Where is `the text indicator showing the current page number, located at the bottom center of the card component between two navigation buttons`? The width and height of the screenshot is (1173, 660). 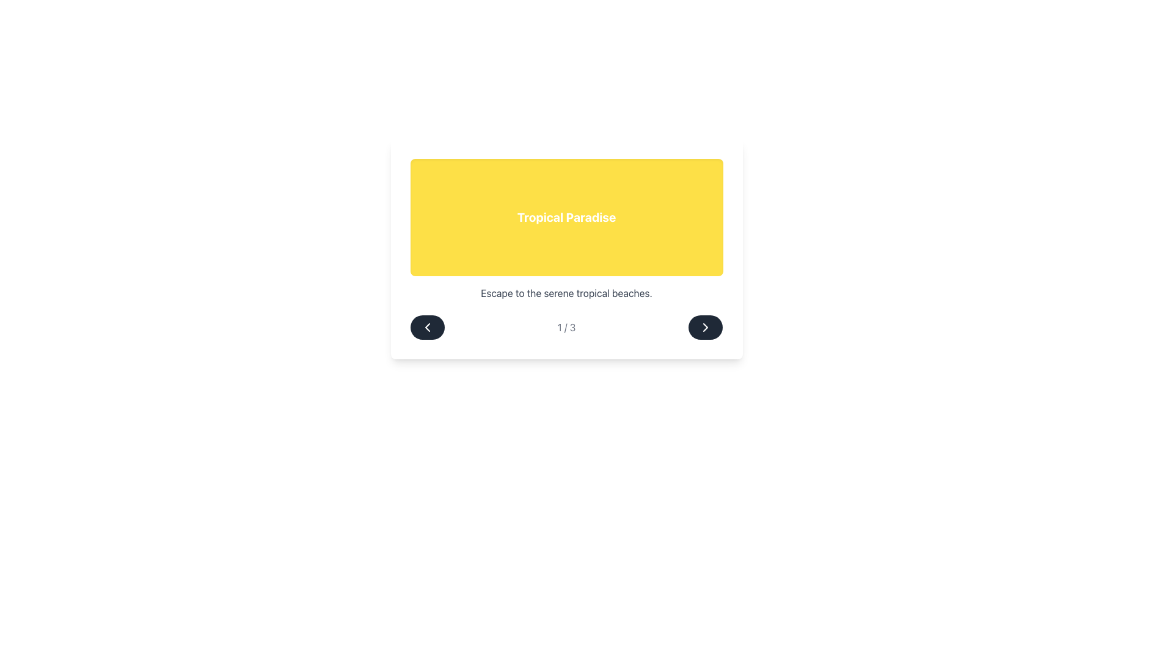 the text indicator showing the current page number, located at the bottom center of the card component between two navigation buttons is located at coordinates (566, 327).